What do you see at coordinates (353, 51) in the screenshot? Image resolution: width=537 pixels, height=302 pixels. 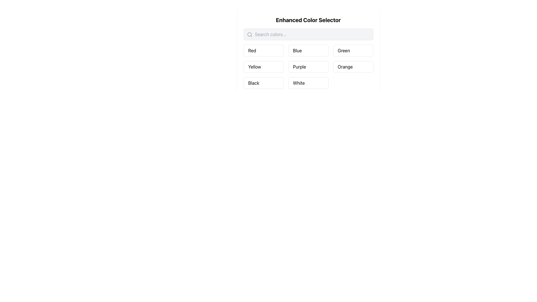 I see `the 'Green' button, which is the third button in the first row of a grid layout containing multiple colored buttons` at bounding box center [353, 51].